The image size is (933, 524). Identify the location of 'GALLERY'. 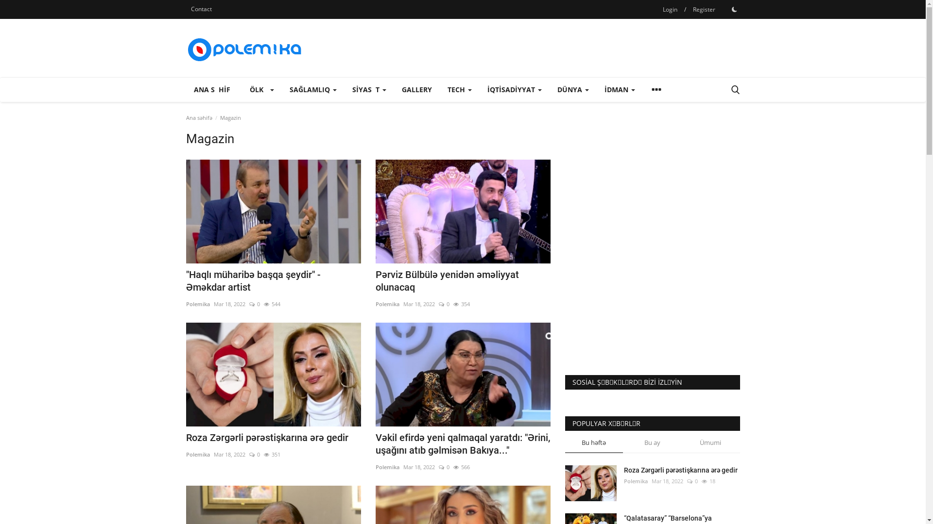
(394, 90).